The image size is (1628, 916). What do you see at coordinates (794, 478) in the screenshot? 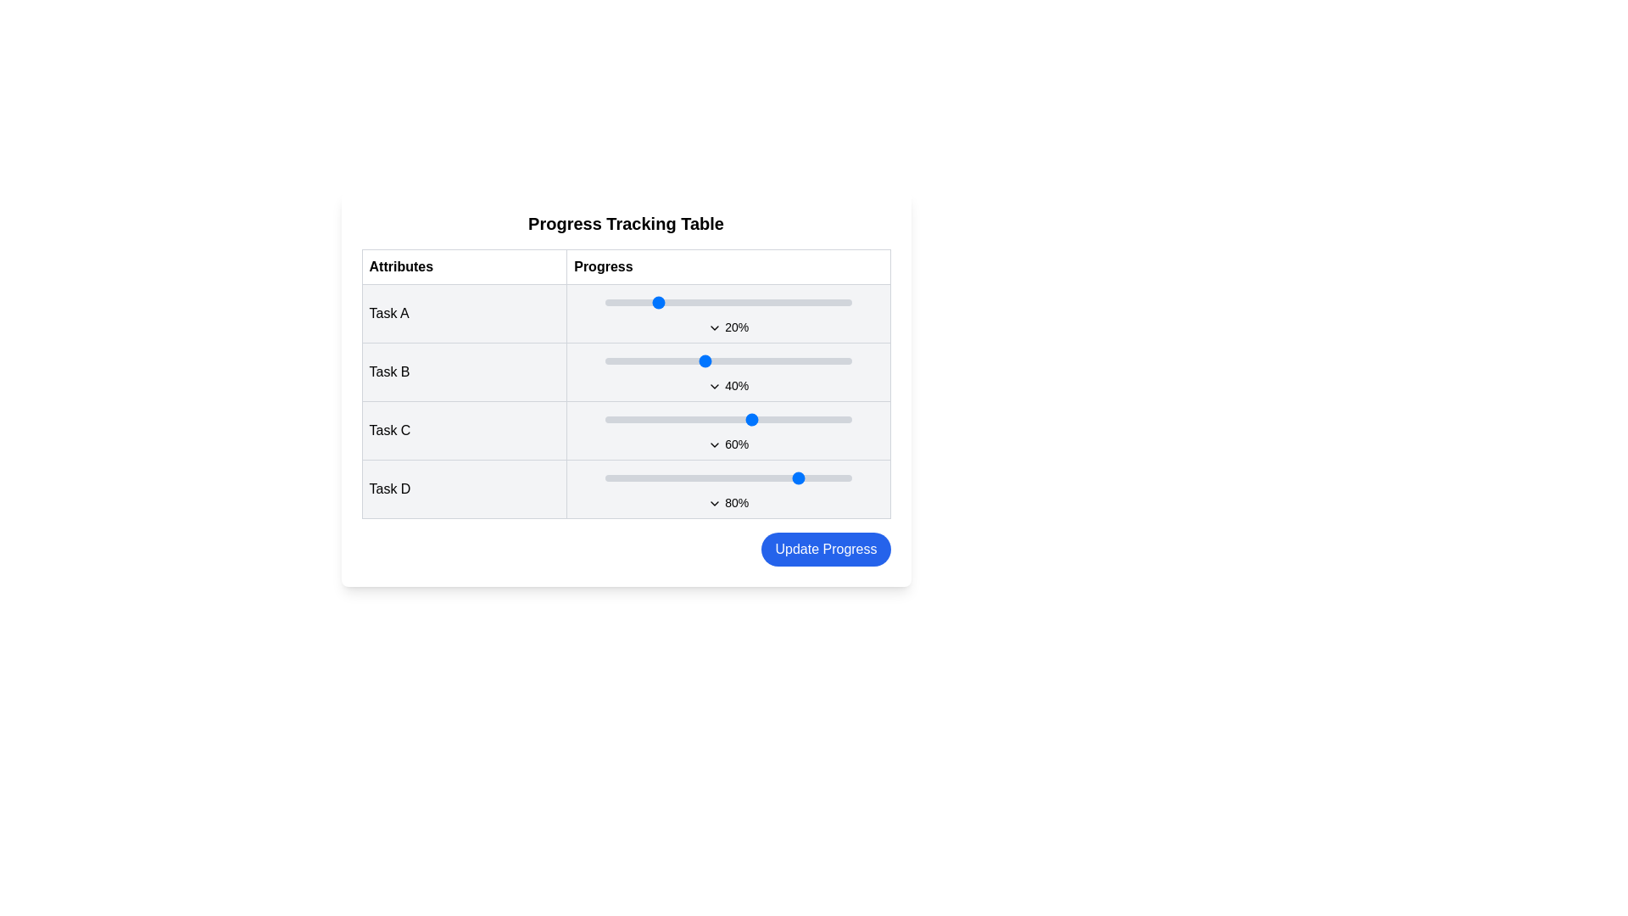
I see `task progress` at bounding box center [794, 478].